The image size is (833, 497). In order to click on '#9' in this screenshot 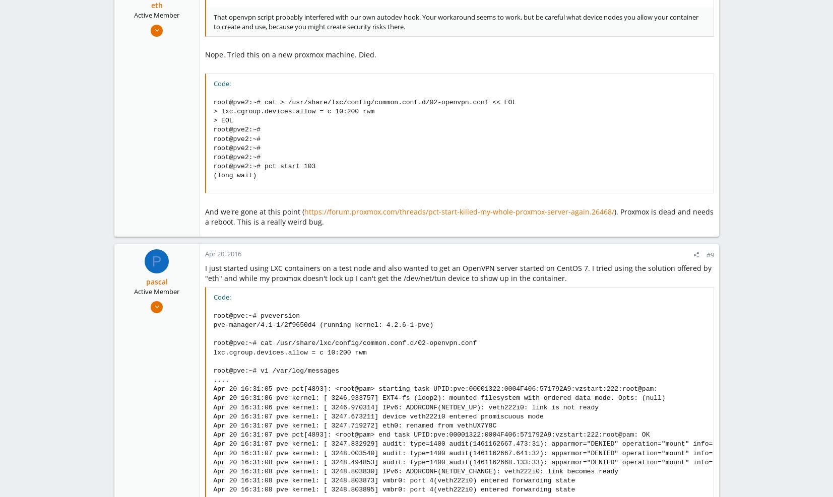, I will do `click(710, 255)`.